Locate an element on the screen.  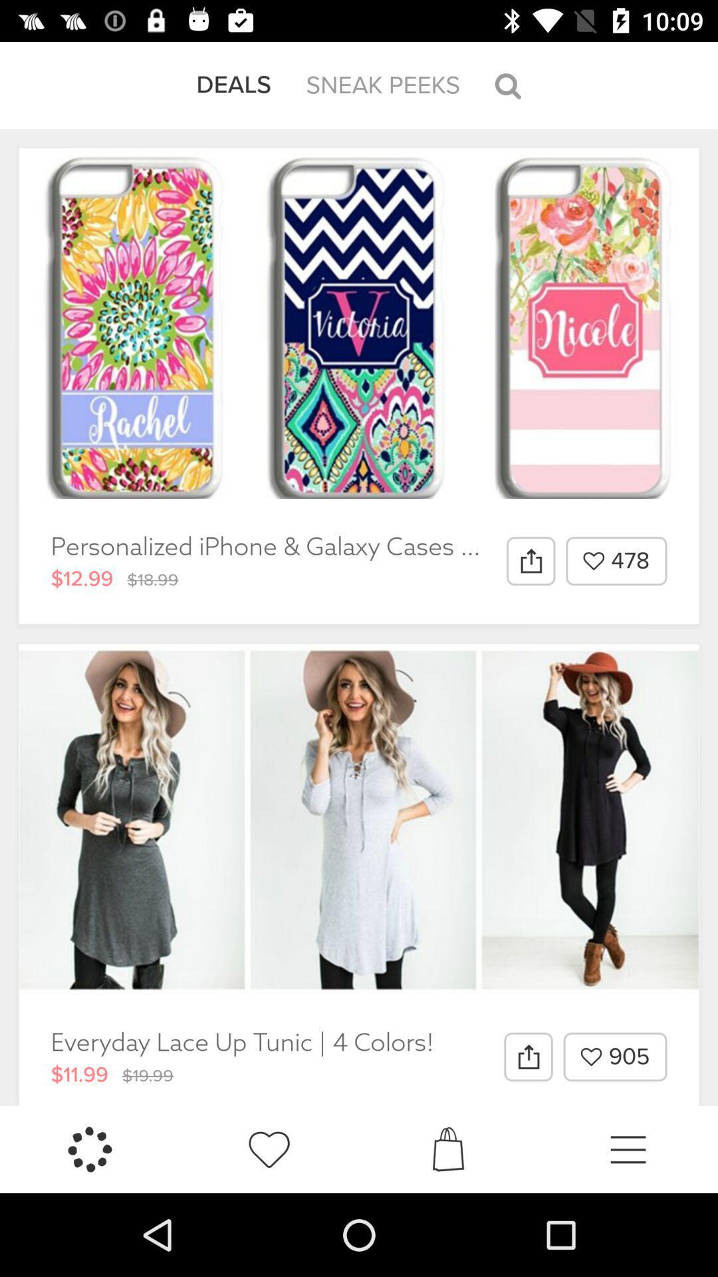
905 item is located at coordinates (615, 1056).